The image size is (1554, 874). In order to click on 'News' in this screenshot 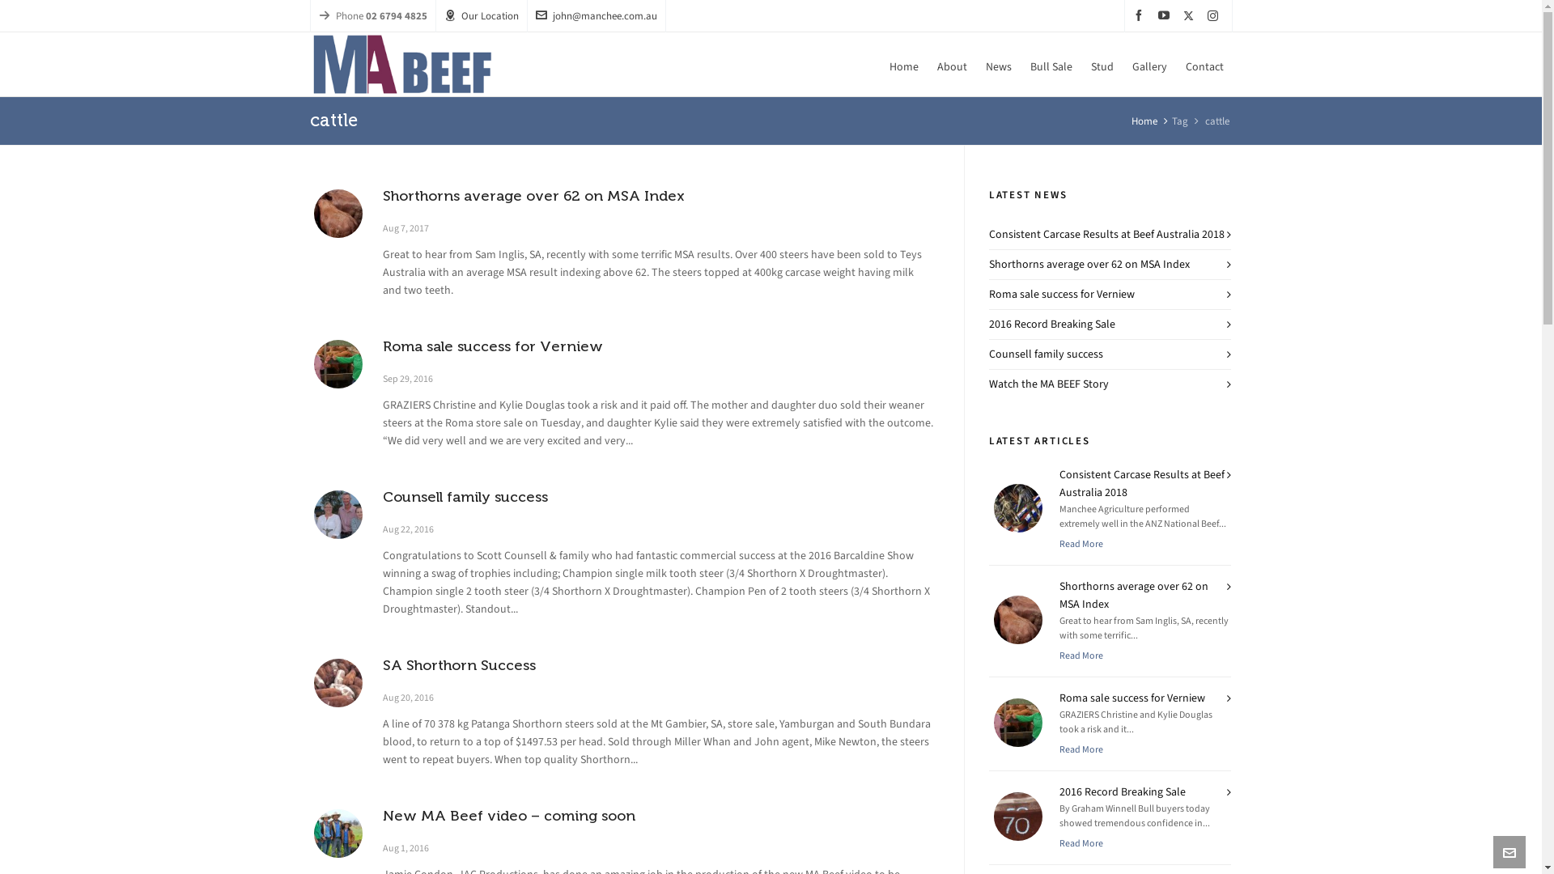, I will do `click(997, 64)`.